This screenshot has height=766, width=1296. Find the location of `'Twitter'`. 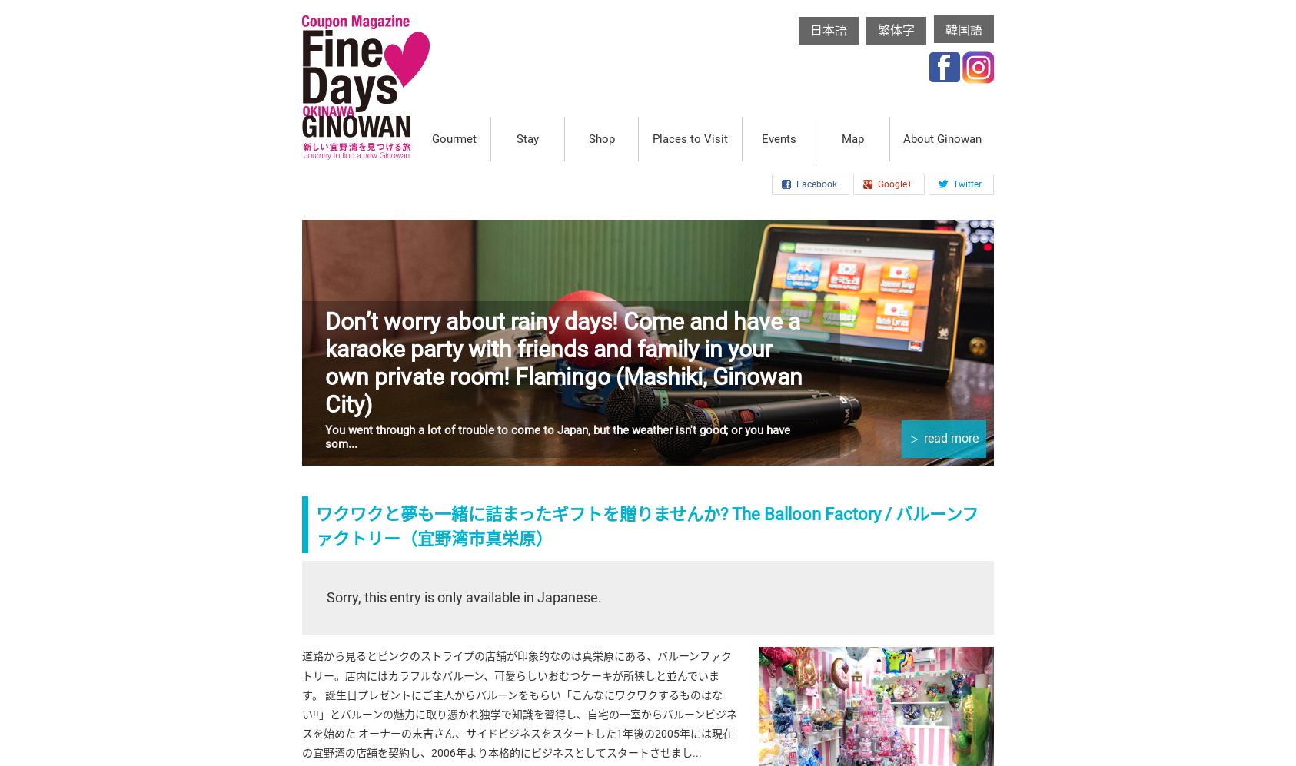

'Twitter' is located at coordinates (952, 183).